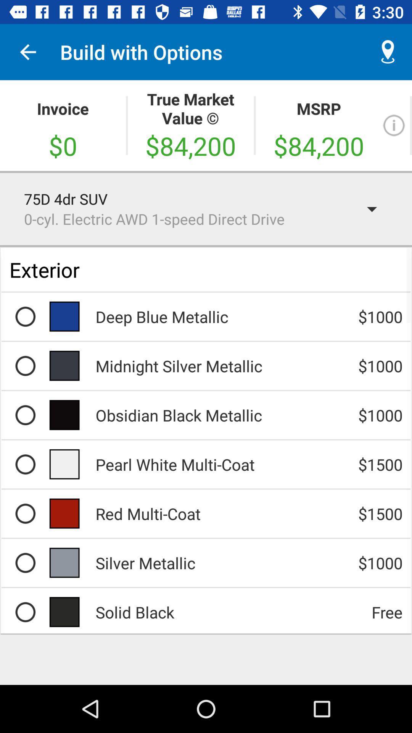  I want to click on color, so click(25, 464).